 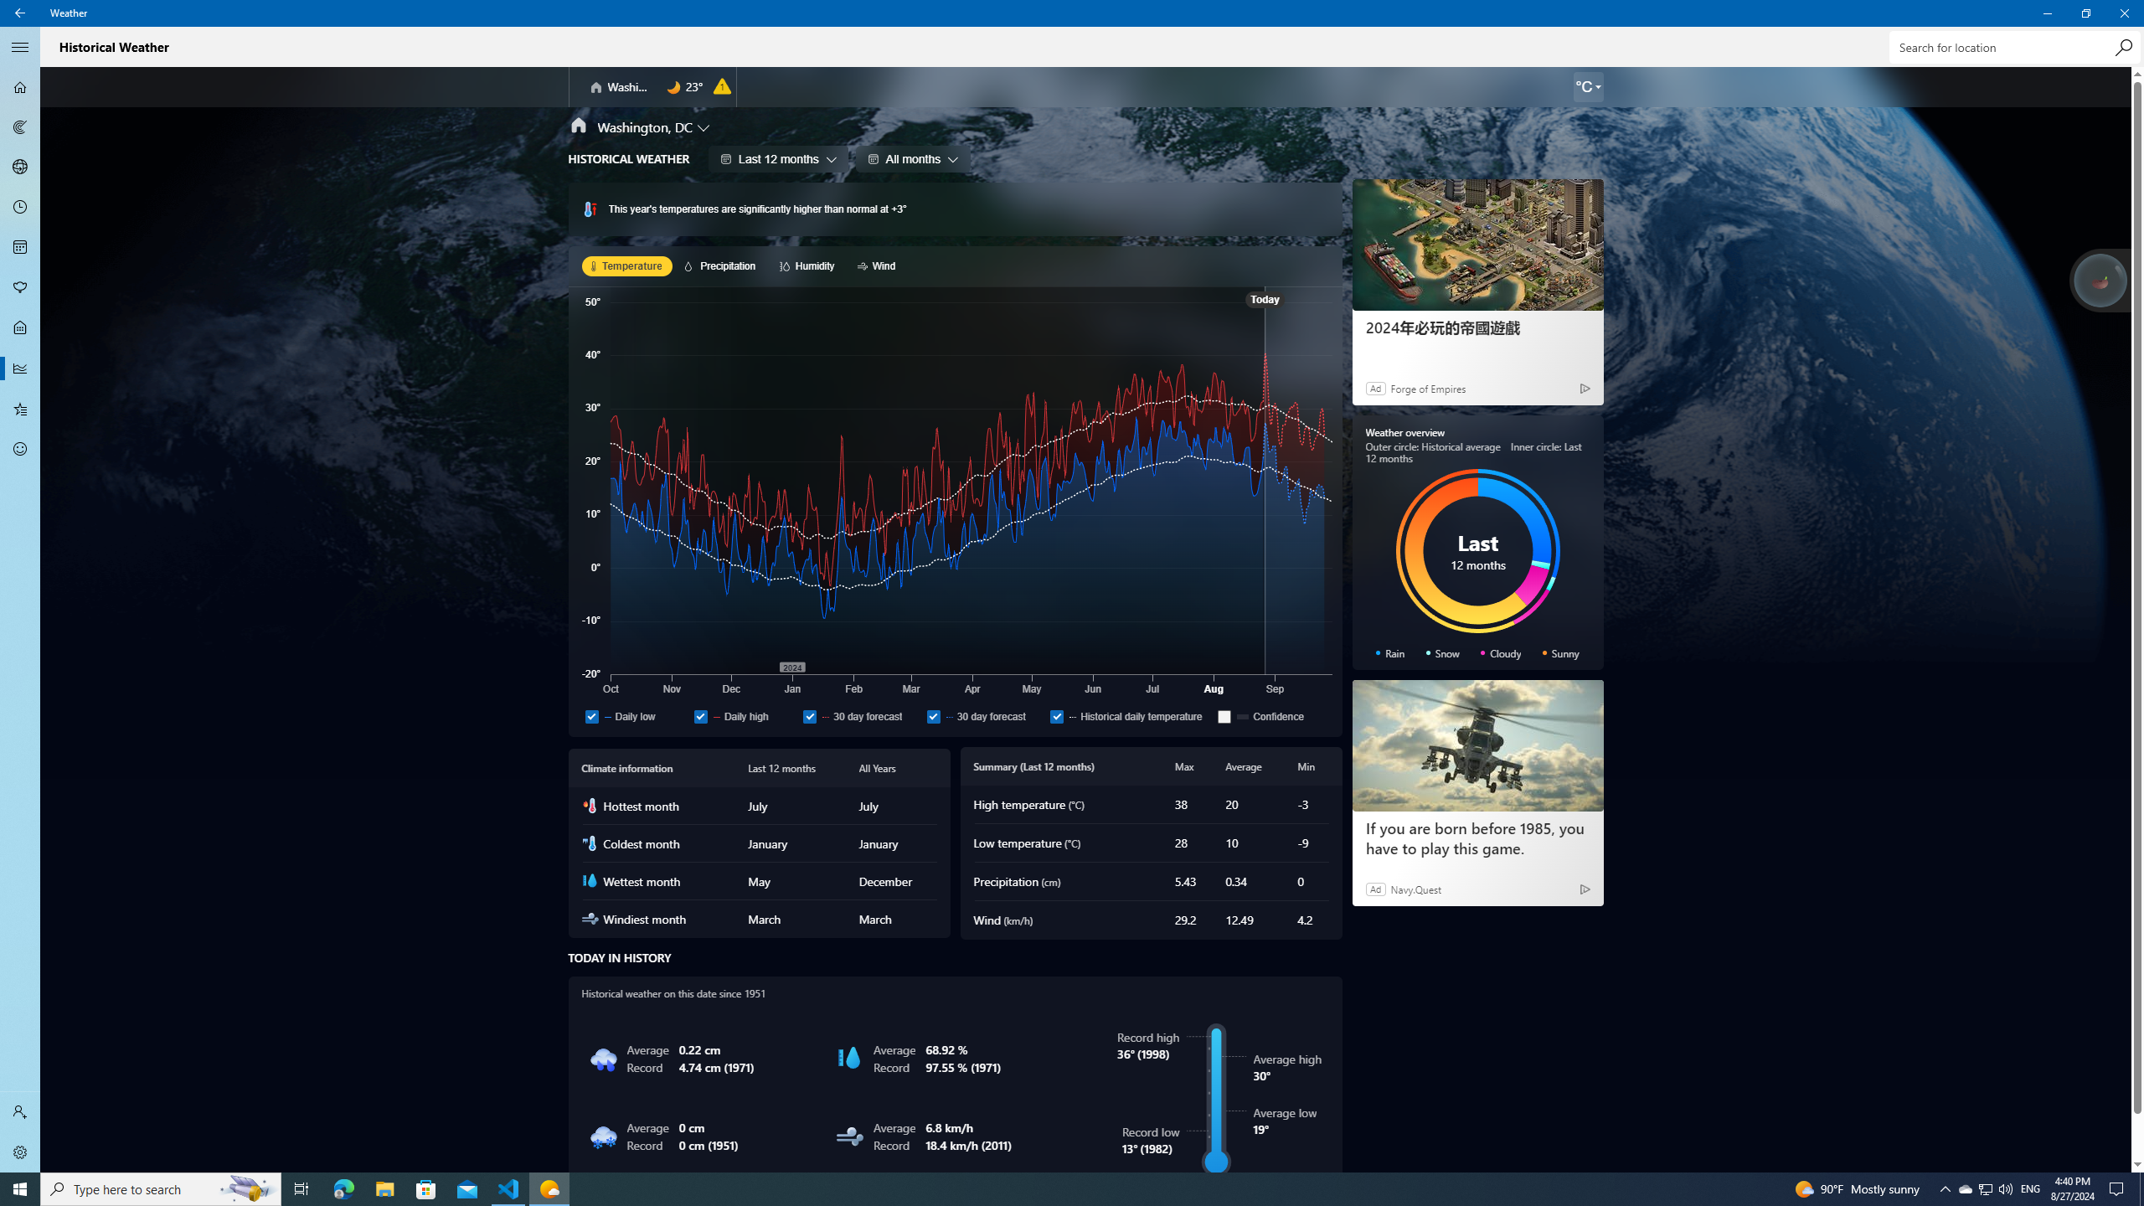 I want to click on 'Send Feedback - Not Selected', so click(x=20, y=449).